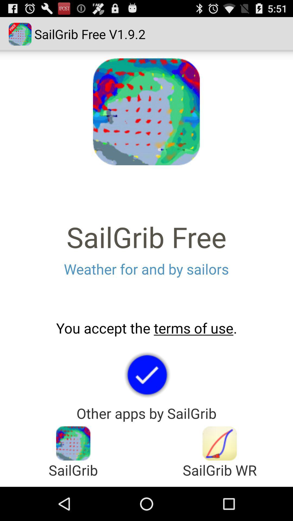 This screenshot has height=521, width=293. Describe the element at coordinates (220, 443) in the screenshot. I see `other app` at that location.